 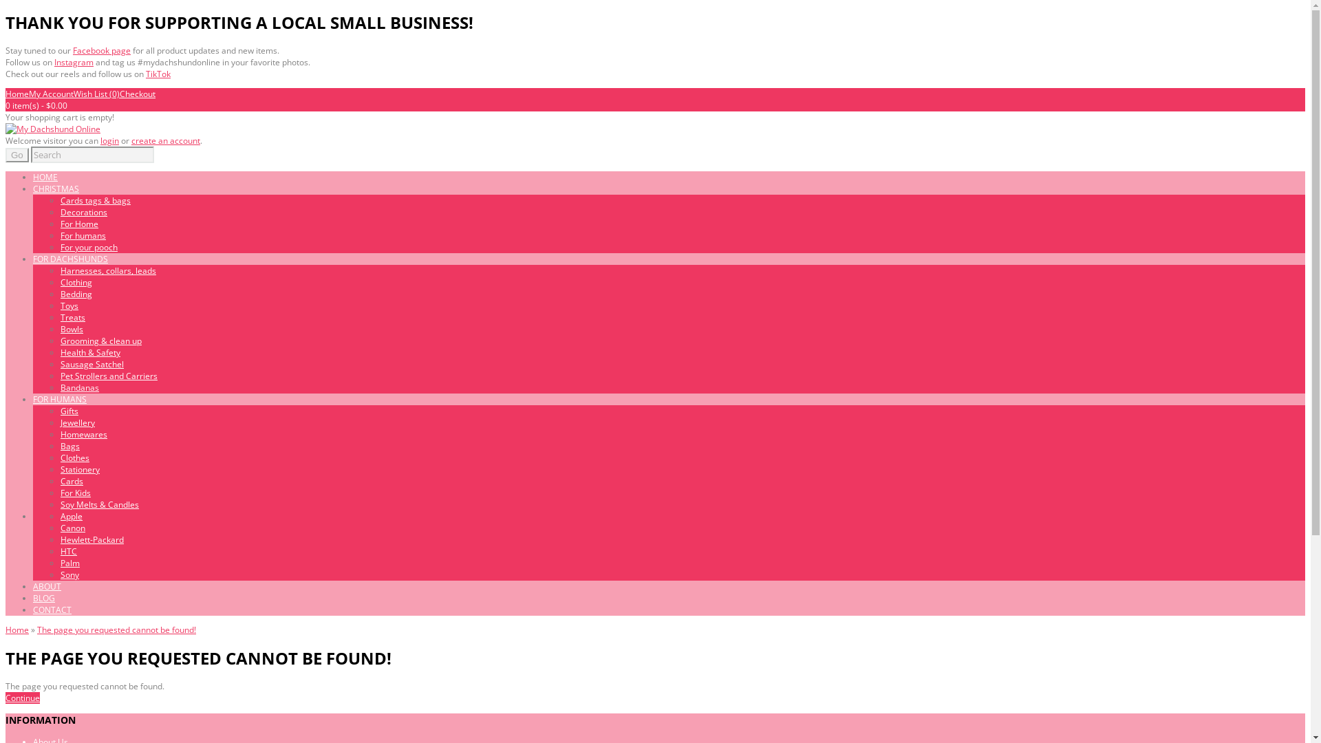 What do you see at coordinates (69, 563) in the screenshot?
I see `'Palm'` at bounding box center [69, 563].